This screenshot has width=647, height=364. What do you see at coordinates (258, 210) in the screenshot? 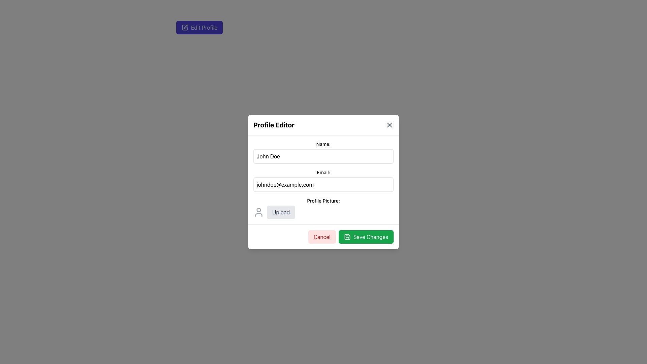
I see `the circular graphic placeholder for the user's profile image located in the top-middle of the profile editor area to interact with it` at bounding box center [258, 210].